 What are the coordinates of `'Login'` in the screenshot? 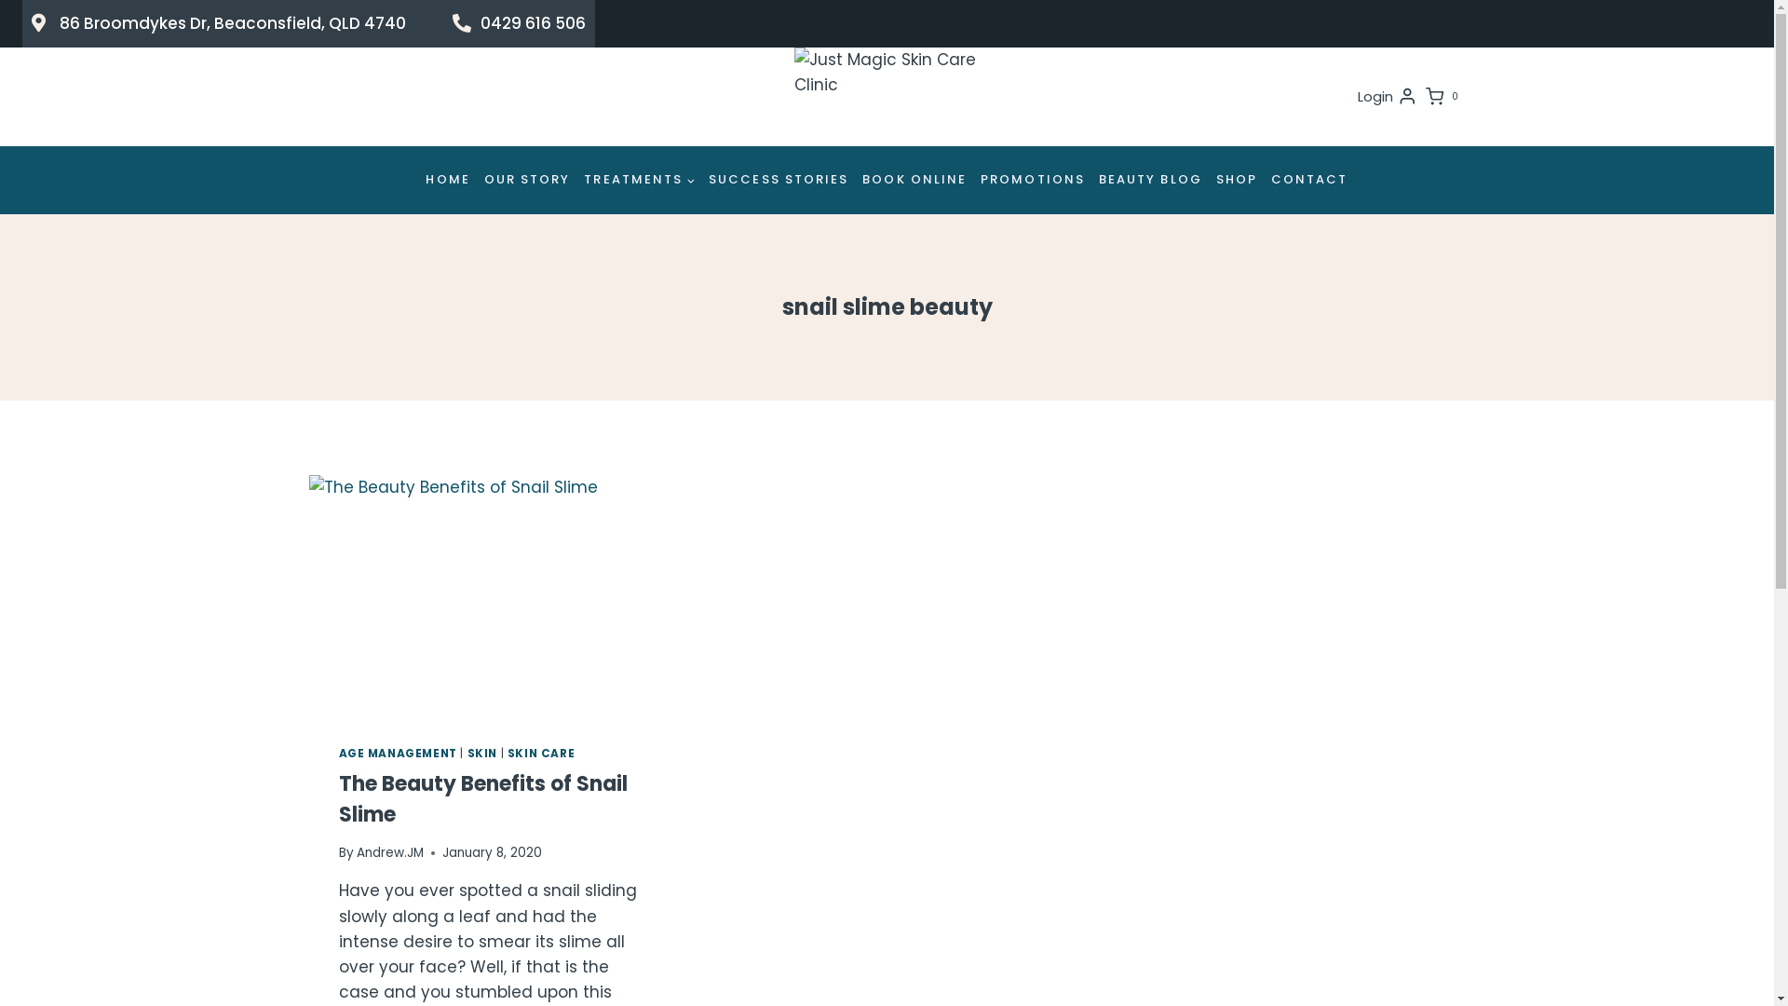 It's located at (1358, 97).